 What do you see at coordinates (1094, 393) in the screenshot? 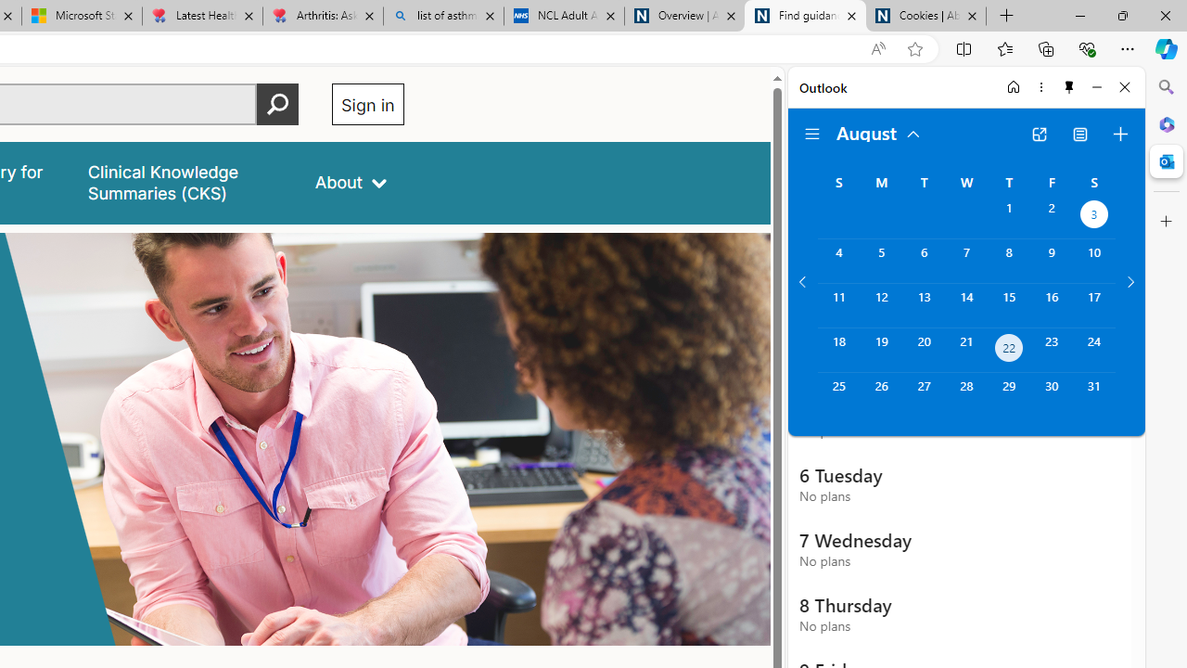
I see `'Saturday, August 31, 2024. '` at bounding box center [1094, 393].